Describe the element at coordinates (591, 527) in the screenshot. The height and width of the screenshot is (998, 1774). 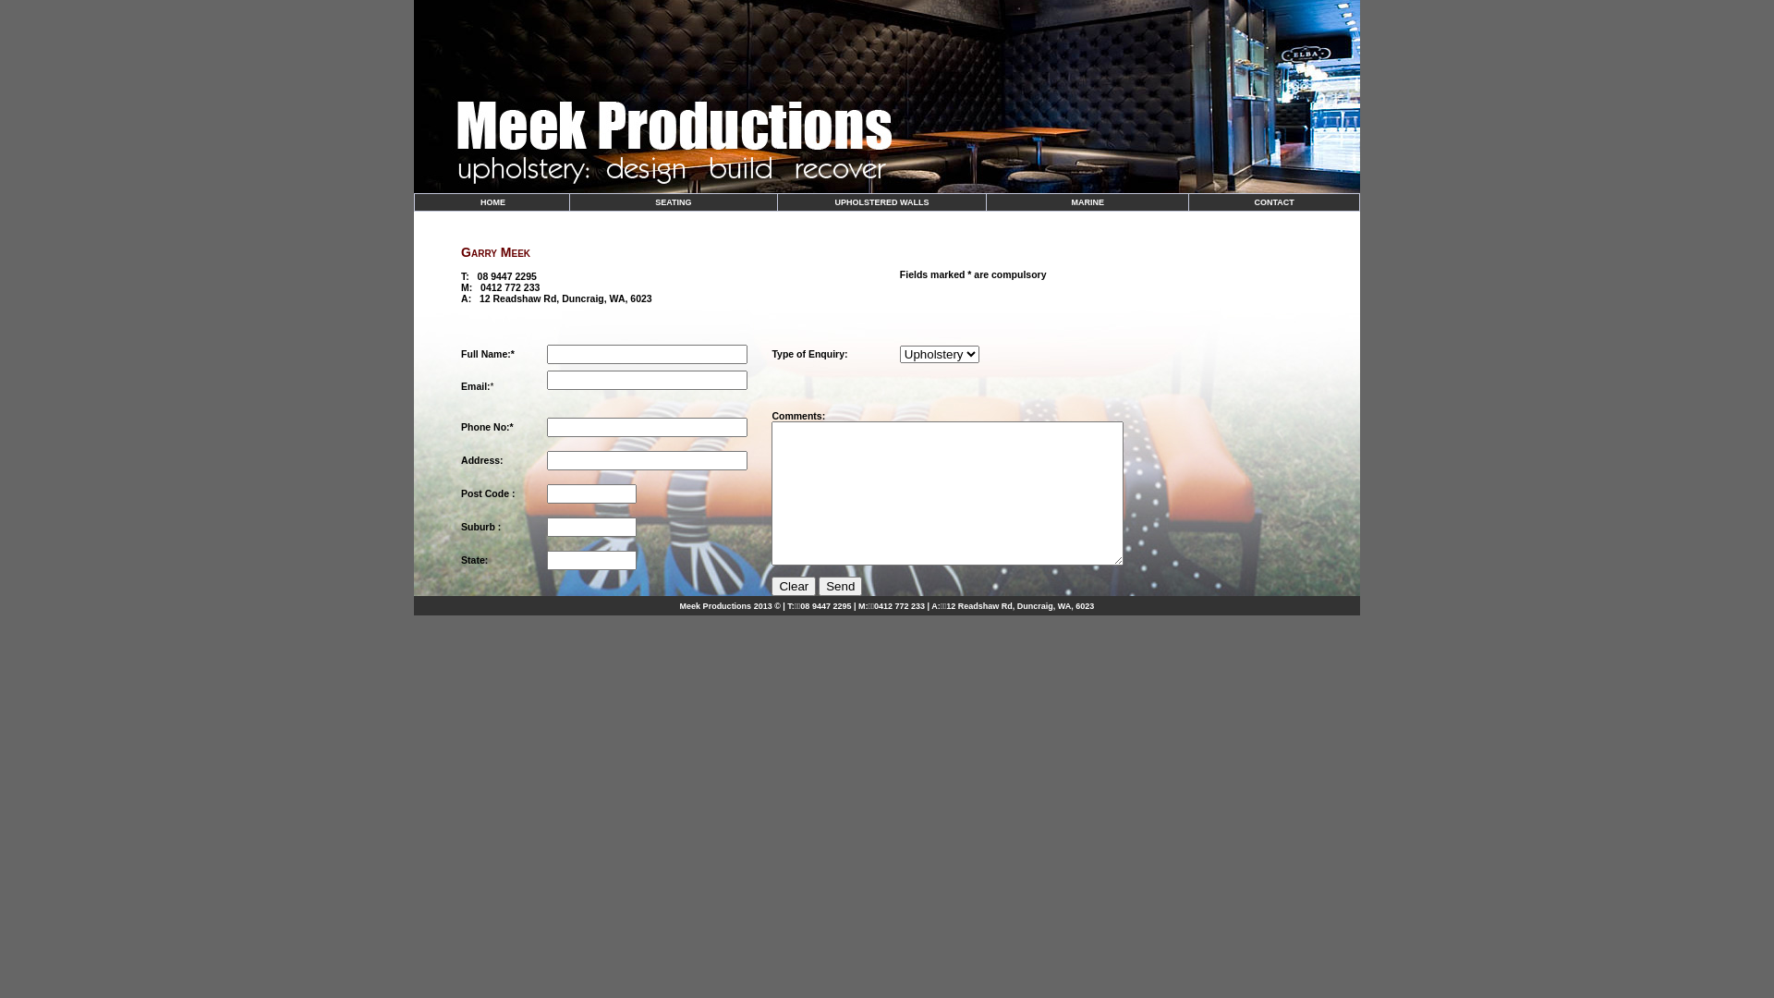
I see `'Enter your Postcode'` at that location.